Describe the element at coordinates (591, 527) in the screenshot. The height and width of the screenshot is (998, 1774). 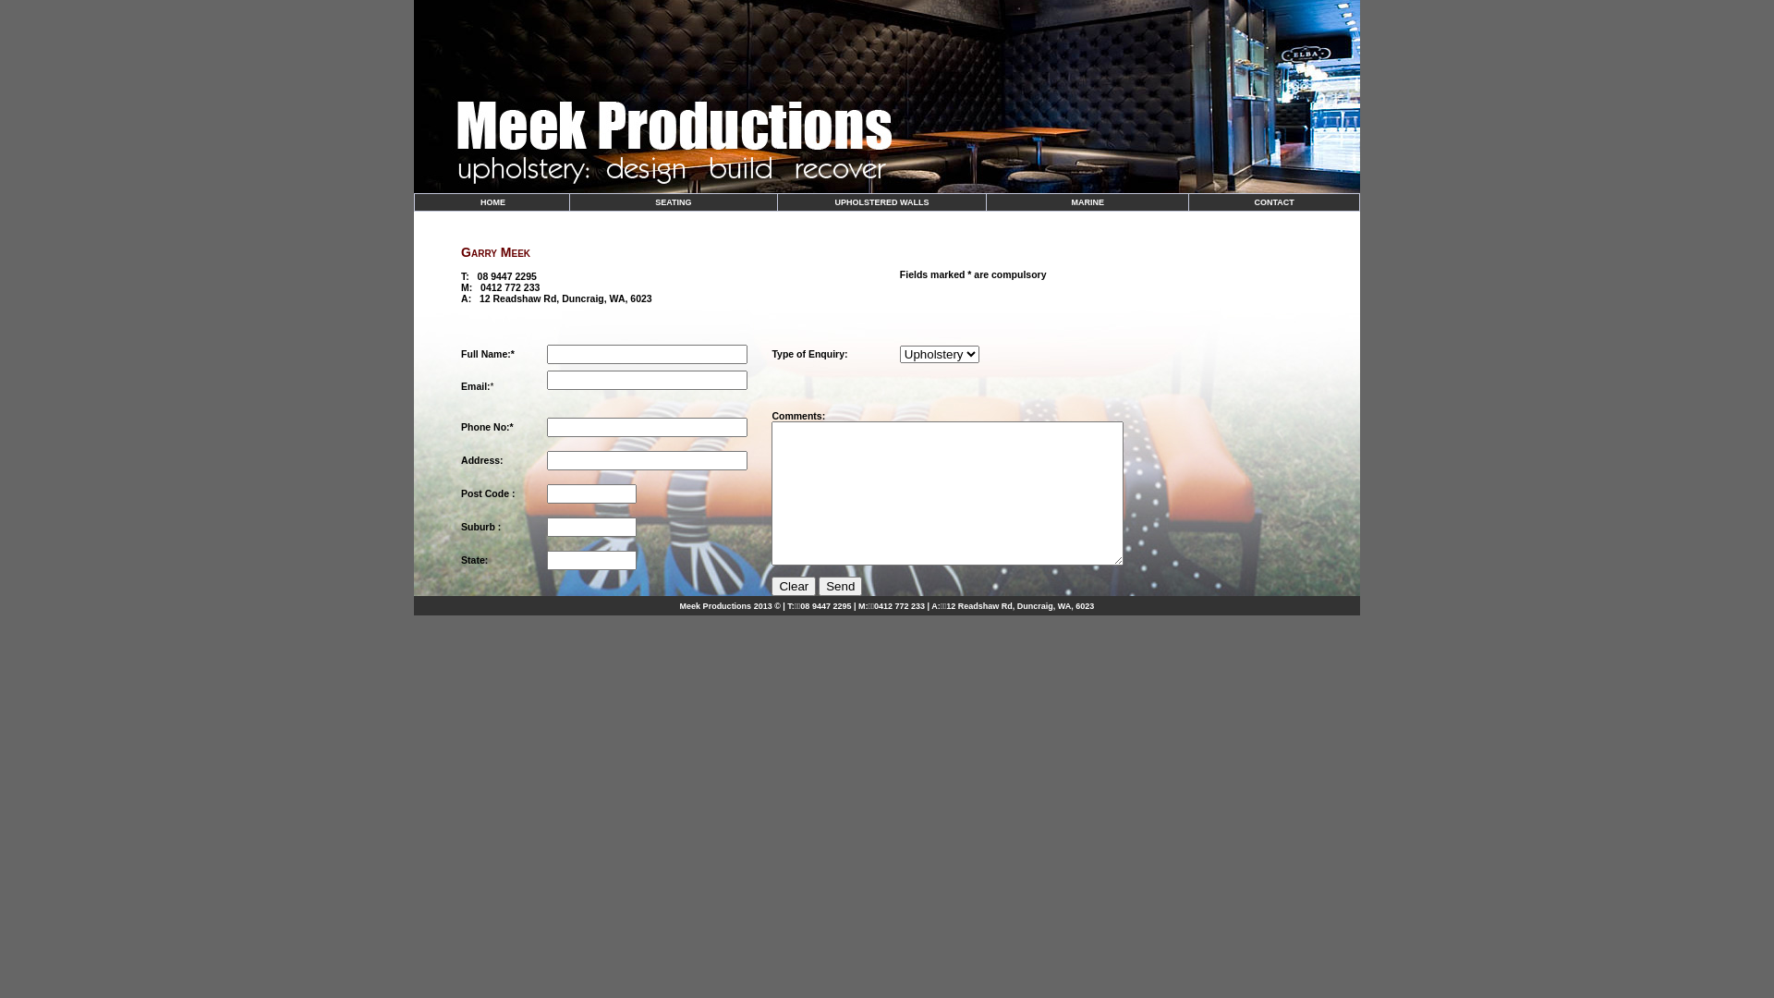
I see `'Enter your Postcode'` at that location.